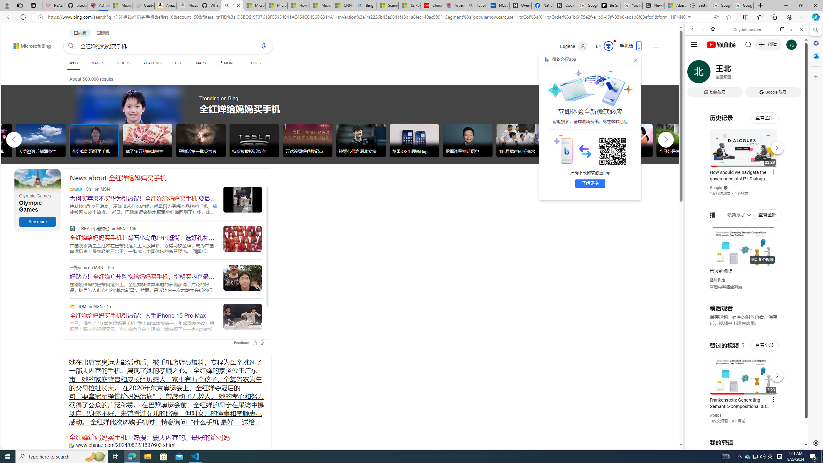 Image resolution: width=823 pixels, height=463 pixels. What do you see at coordinates (33, 5) in the screenshot?
I see `'Tab actions menu'` at bounding box center [33, 5].